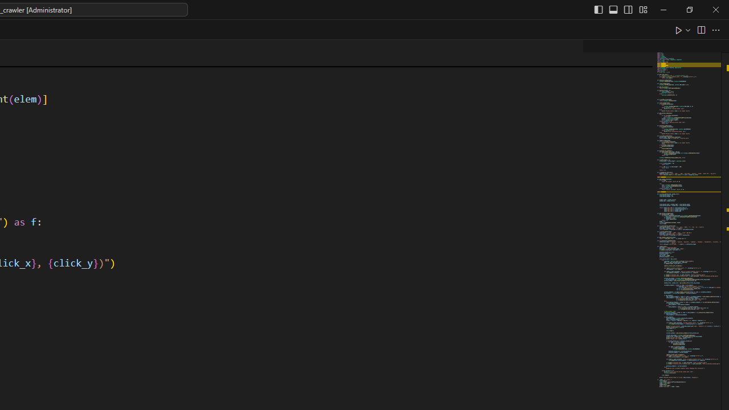 The height and width of the screenshot is (410, 729). Describe the element at coordinates (679, 29) in the screenshot. I see `'Run Python File'` at that location.